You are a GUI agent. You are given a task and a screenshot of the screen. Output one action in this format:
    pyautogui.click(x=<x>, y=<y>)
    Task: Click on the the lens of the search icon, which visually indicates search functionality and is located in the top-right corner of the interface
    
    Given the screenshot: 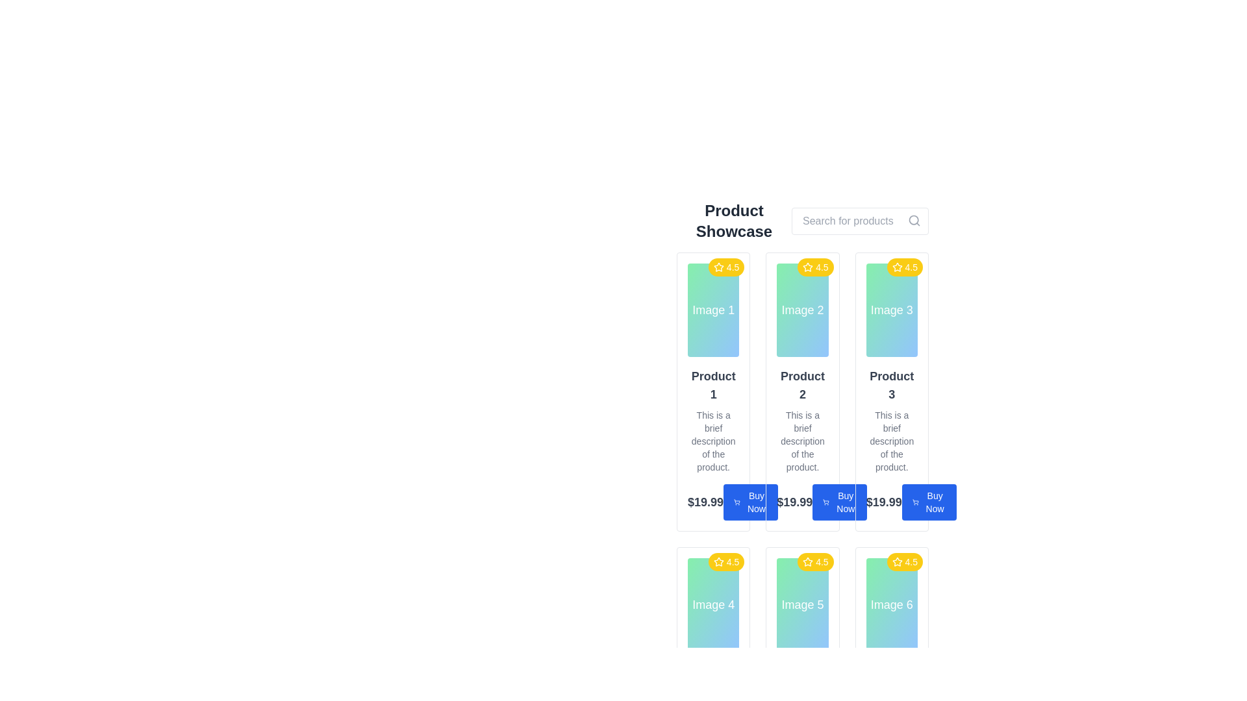 What is the action you would take?
    pyautogui.click(x=913, y=219)
    